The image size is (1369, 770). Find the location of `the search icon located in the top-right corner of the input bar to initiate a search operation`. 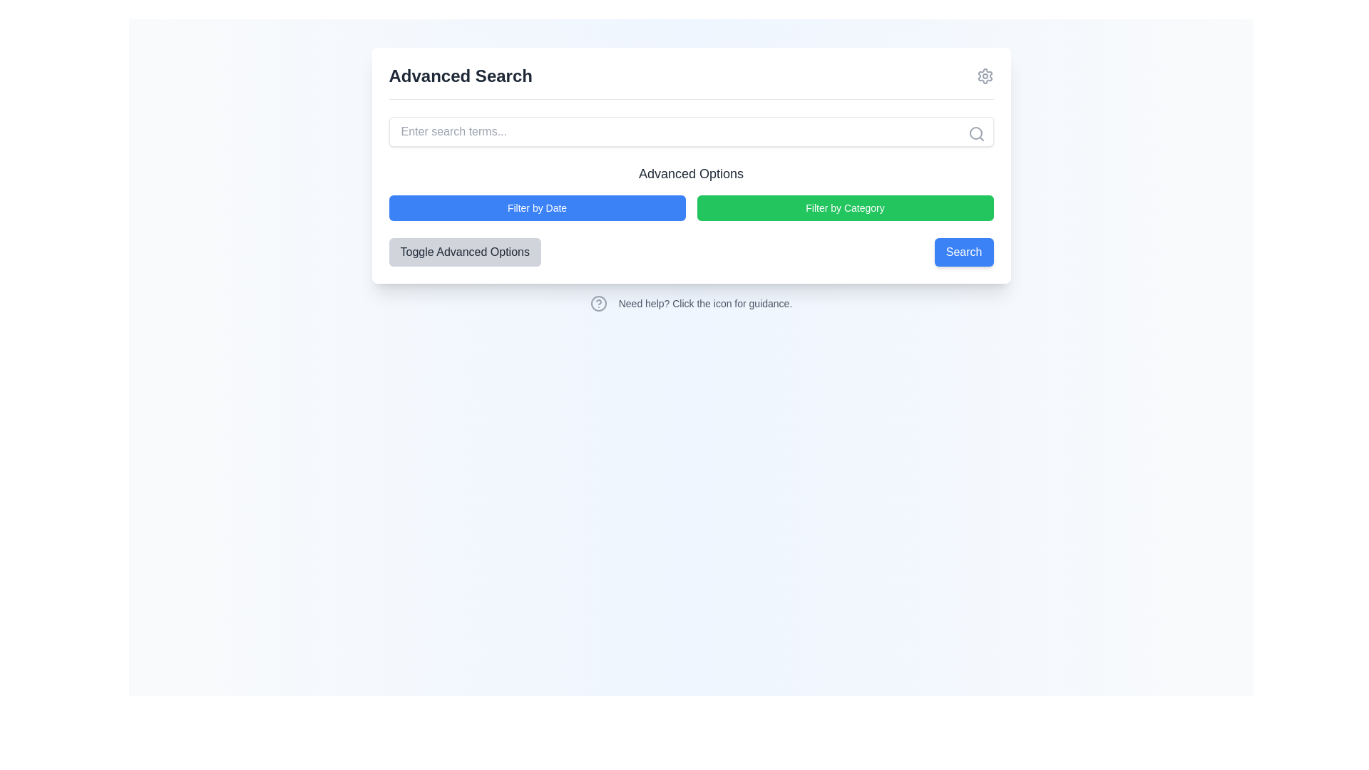

the search icon located in the top-right corner of the input bar to initiate a search operation is located at coordinates (975, 134).